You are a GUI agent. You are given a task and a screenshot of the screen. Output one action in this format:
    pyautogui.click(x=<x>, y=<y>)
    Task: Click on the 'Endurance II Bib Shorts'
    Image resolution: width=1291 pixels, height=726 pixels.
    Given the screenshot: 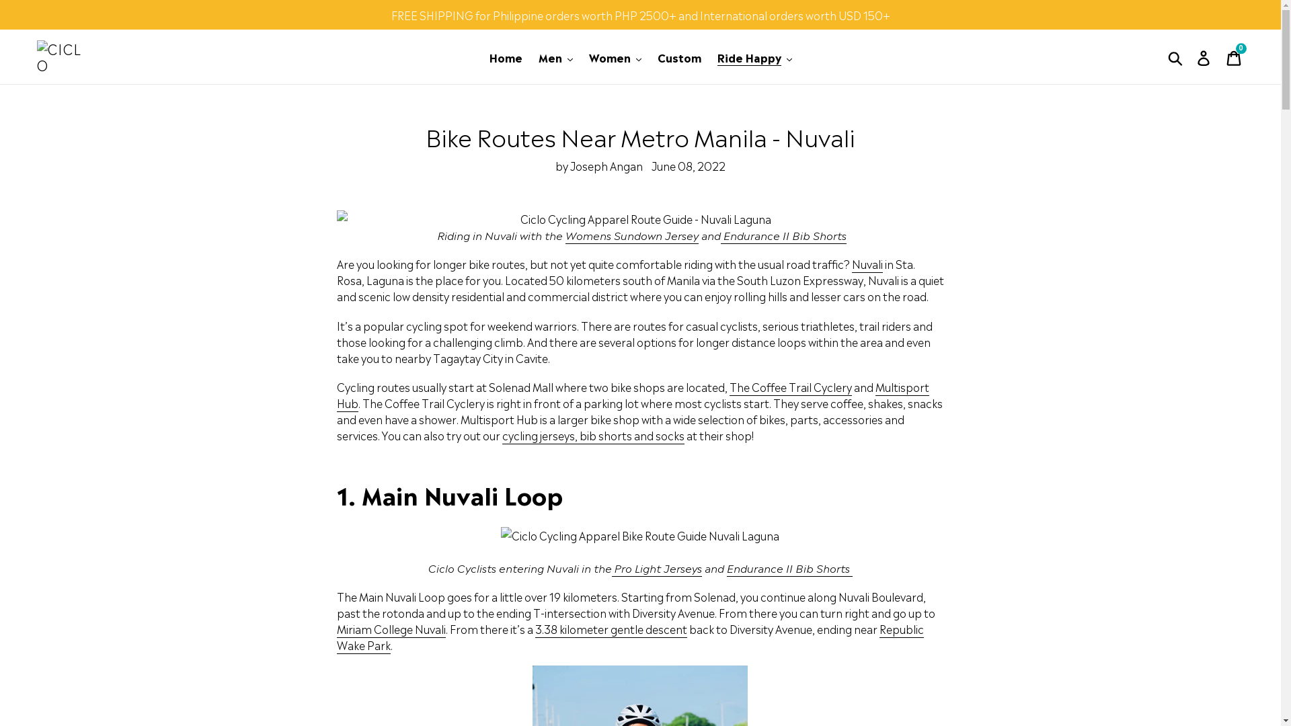 What is the action you would take?
    pyautogui.click(x=783, y=235)
    